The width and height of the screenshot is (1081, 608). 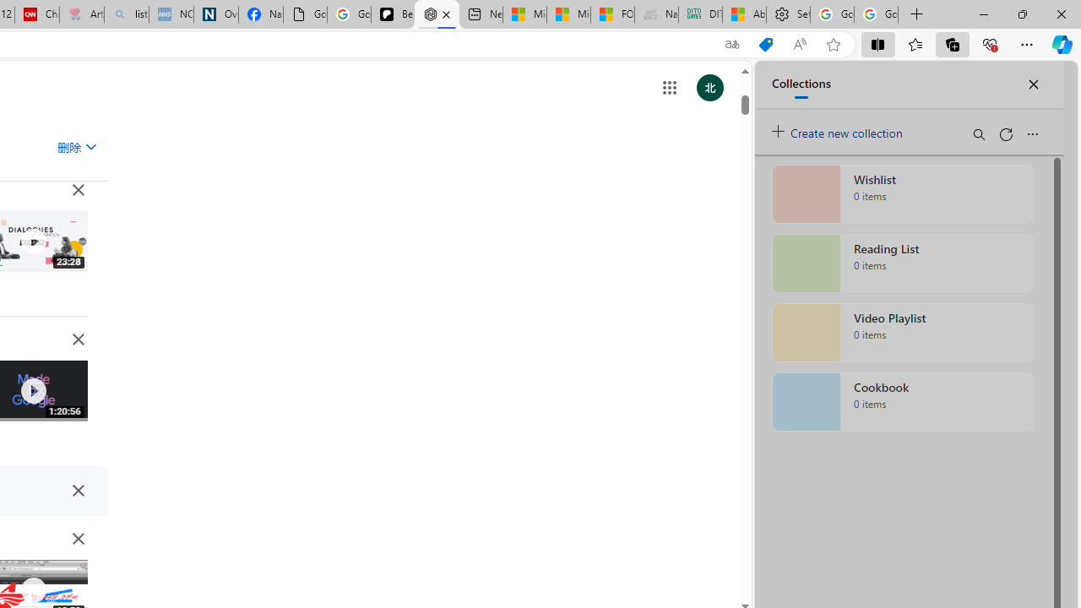 I want to click on 'Class: IVR0f NMm5M', so click(x=33, y=589).